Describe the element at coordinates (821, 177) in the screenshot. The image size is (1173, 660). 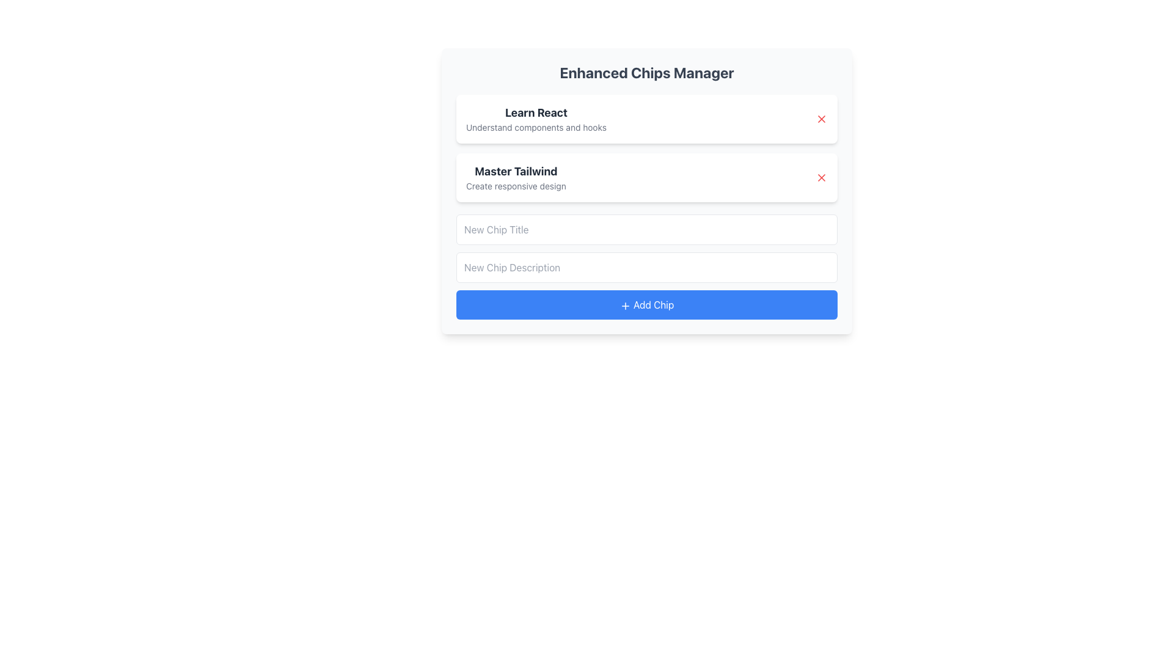
I see `the red 'X' icon button located at the right end of the 'Master Tailwind' card` at that location.